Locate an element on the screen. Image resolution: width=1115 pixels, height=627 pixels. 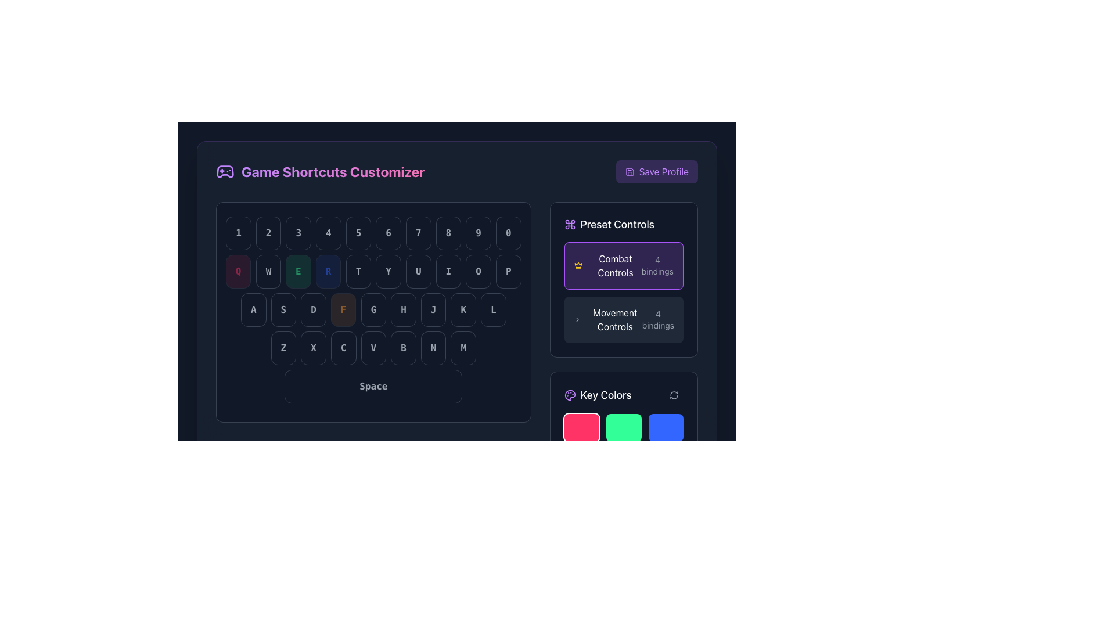
the button labeled 'J' which is styled with a dark background and gray text, located between buttons 'H' and 'K' in the eighth position is located at coordinates (433, 309).